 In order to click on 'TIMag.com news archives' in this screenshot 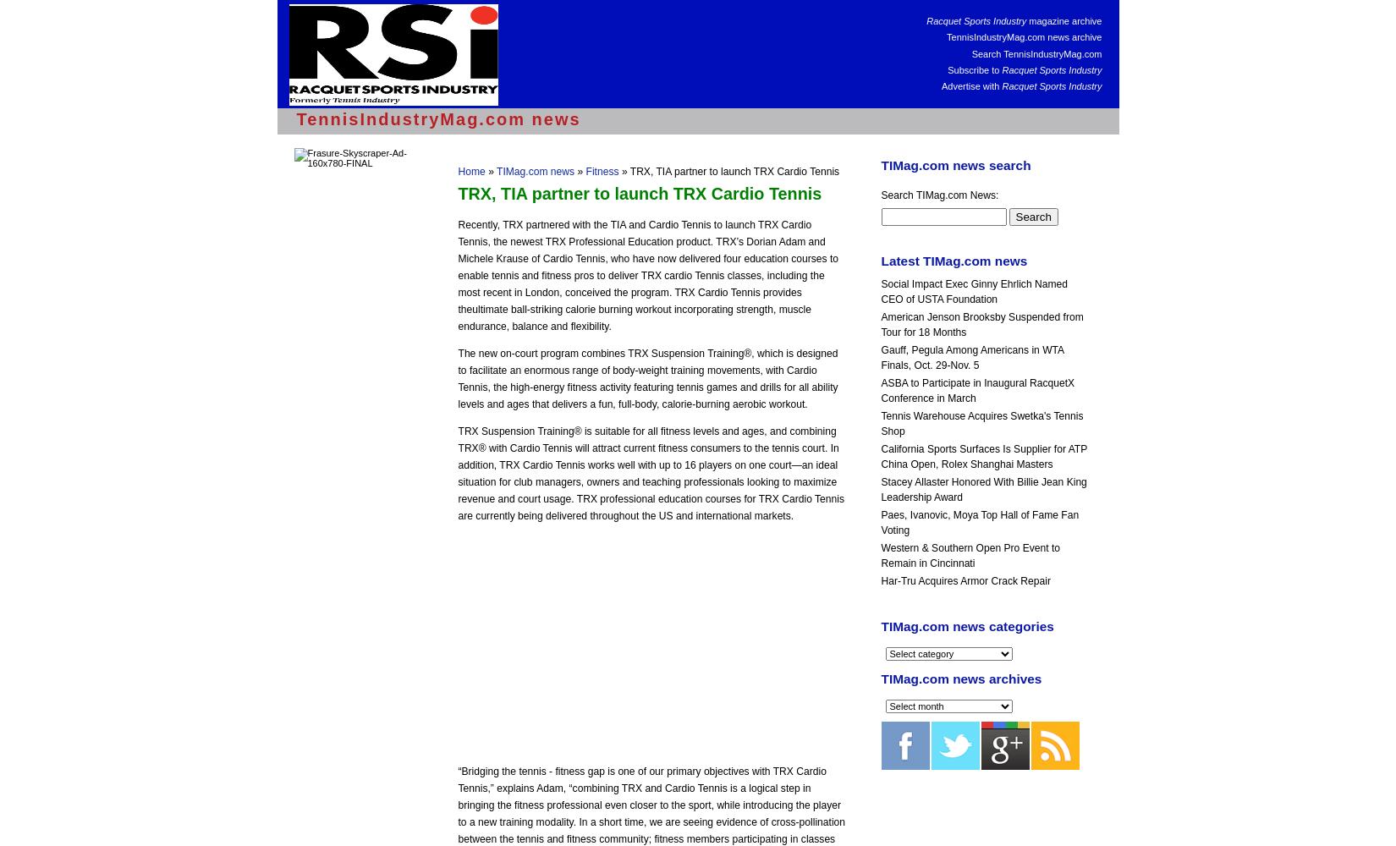, I will do `click(961, 678)`.